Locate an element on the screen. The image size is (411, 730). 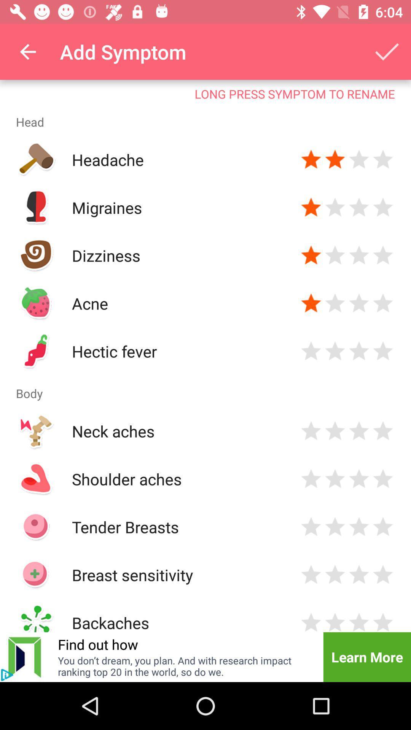
indicates intensity of symptom is located at coordinates (359, 303).